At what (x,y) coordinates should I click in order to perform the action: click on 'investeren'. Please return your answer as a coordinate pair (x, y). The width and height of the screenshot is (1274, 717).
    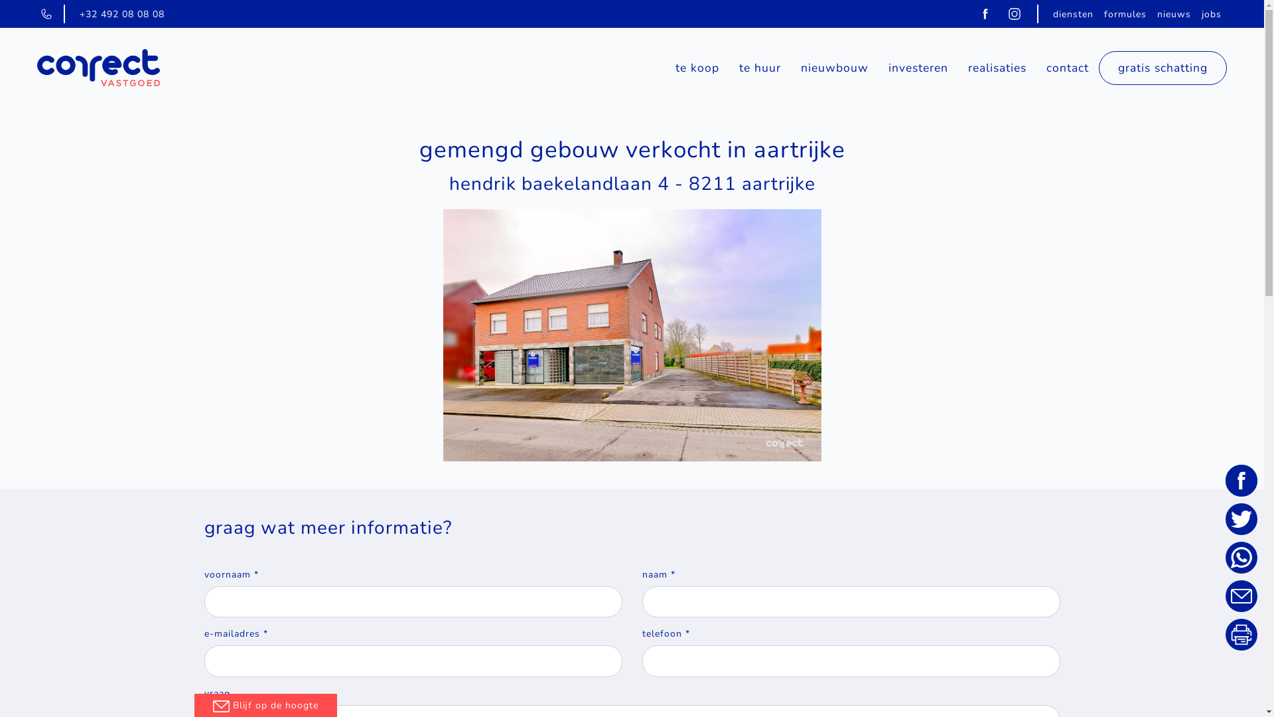
    Looking at the image, I should click on (879, 67).